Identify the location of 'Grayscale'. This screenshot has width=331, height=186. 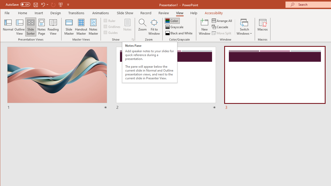
(175, 27).